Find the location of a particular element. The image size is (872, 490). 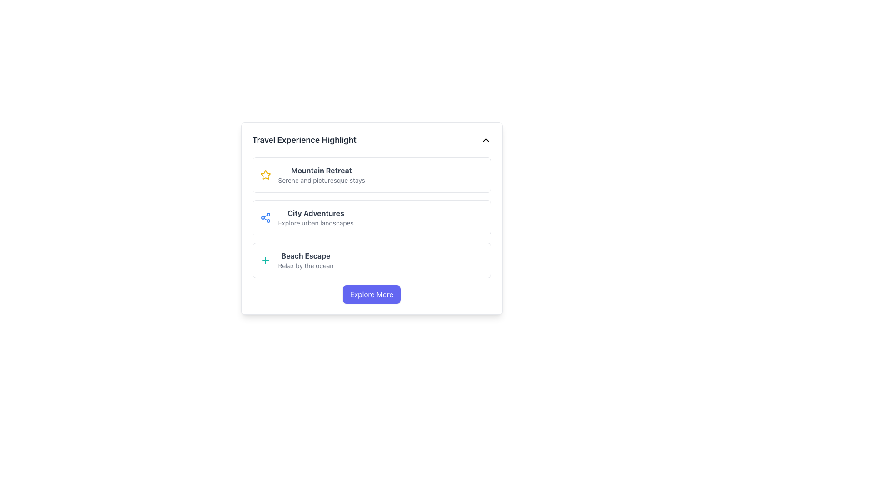

the small upward-pointing chevron icon located in the upper right corner of the 'Travel Experience Highlight' section is located at coordinates (485, 140).